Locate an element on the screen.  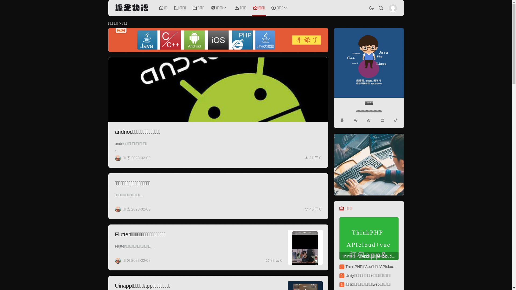
'QQ' is located at coordinates (342, 120).